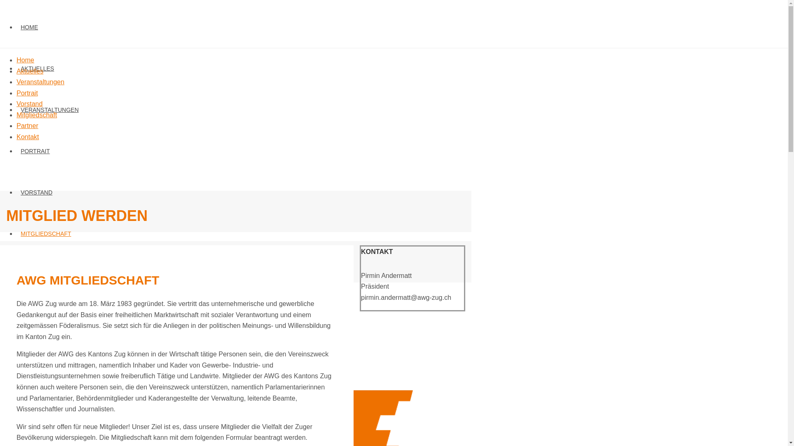  I want to click on 'PORTRAIT', so click(16, 151).